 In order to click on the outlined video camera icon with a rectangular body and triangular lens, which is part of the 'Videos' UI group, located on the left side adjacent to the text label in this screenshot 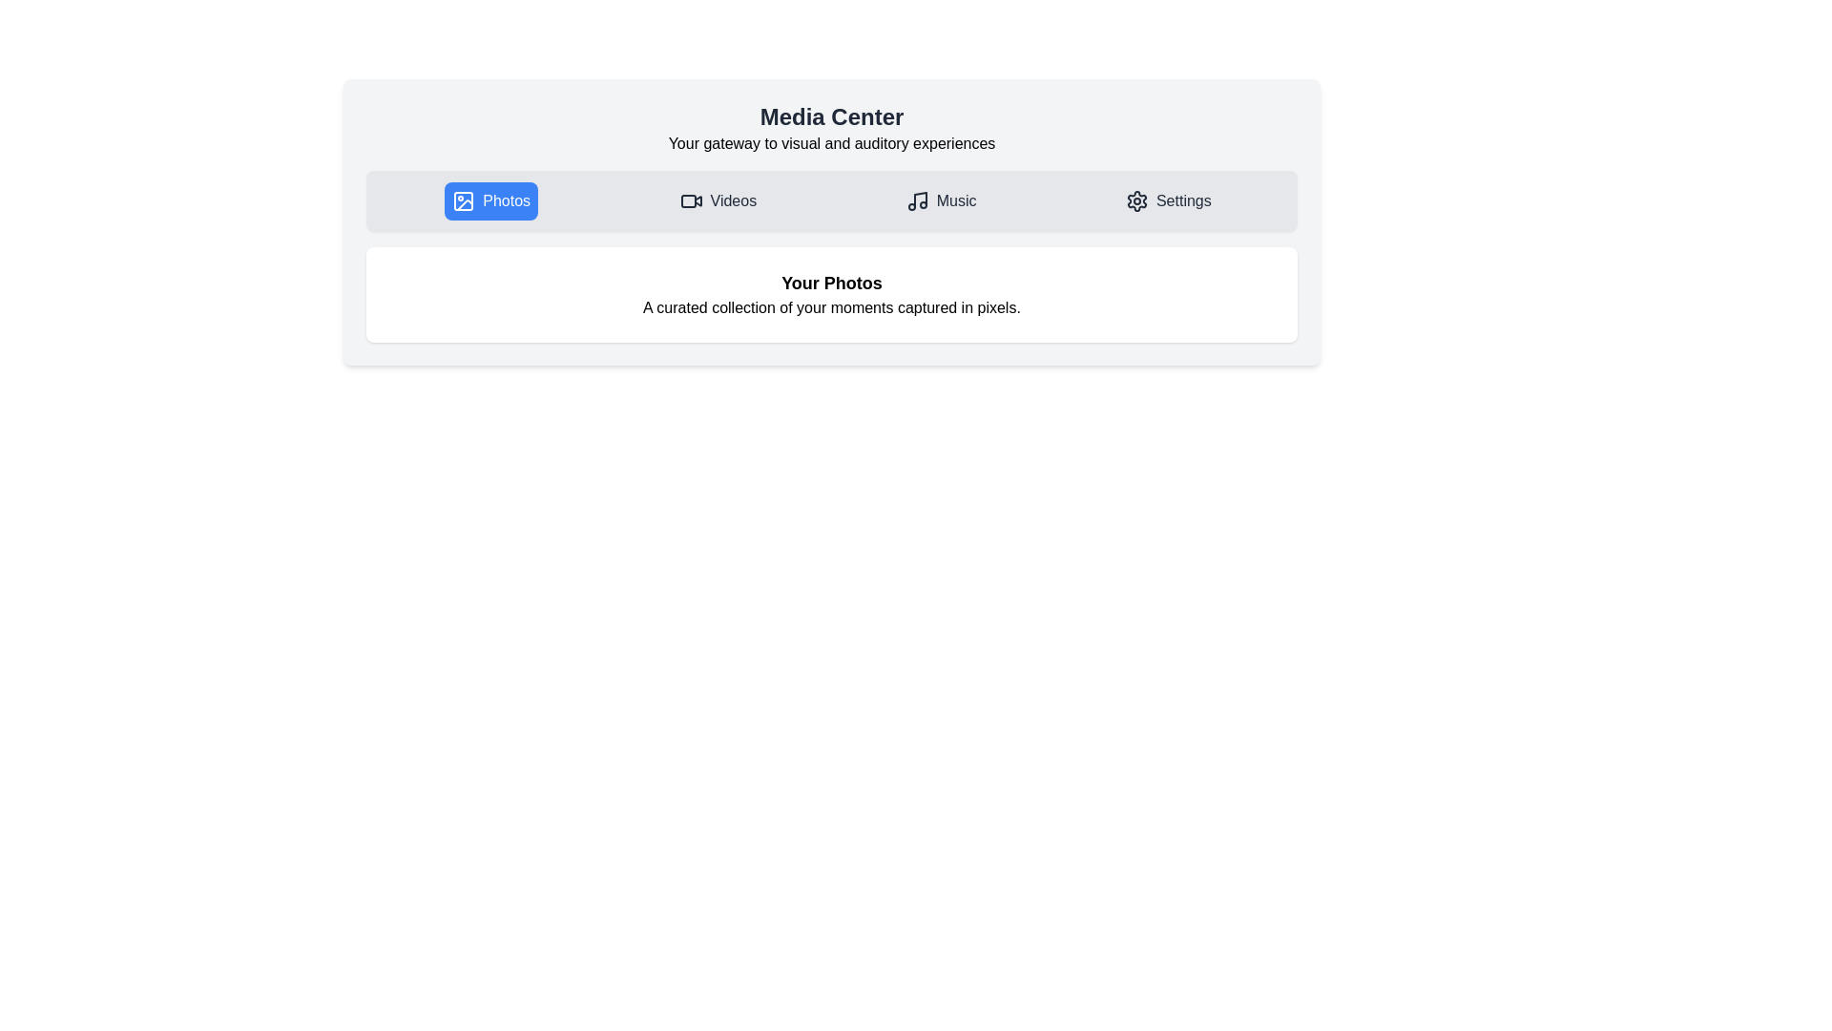, I will do `click(690, 201)`.